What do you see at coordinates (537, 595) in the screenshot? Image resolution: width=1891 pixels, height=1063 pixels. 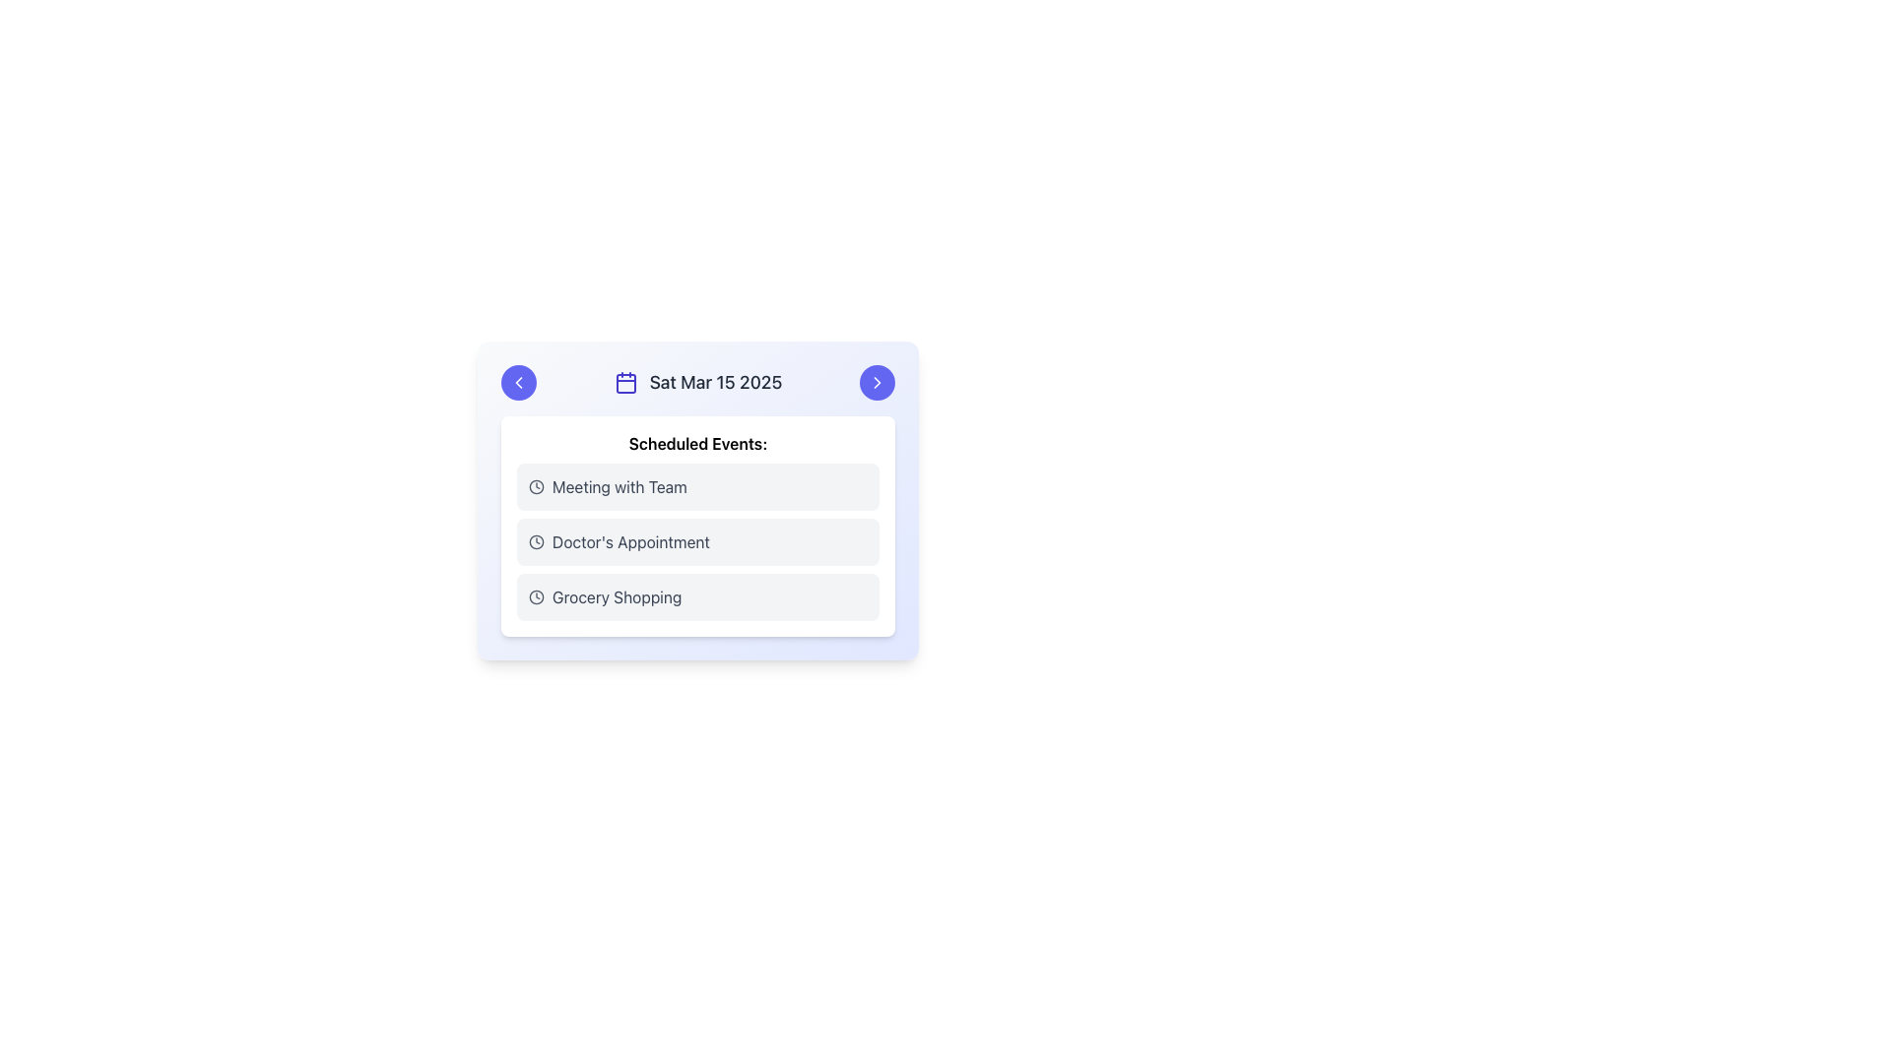 I see `the circular graphical vector shape with a black outline, which is part of the clock-themed icon located in the top middle section of the scheduled events card next to the date 'Sat Mar 15 2025'` at bounding box center [537, 595].